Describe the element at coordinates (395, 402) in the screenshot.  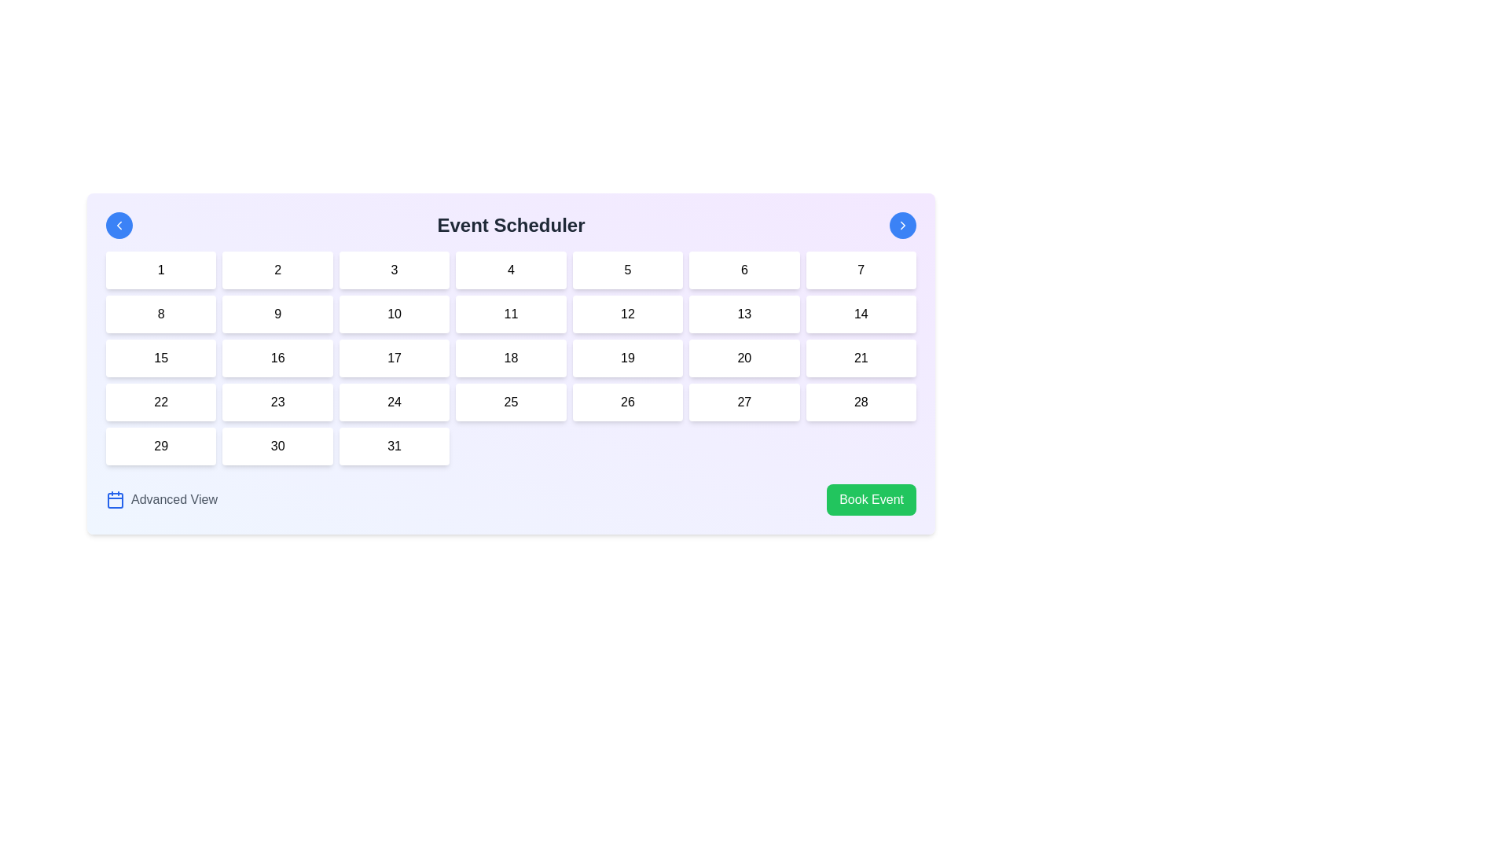
I see `the button displaying the number '24' in black text, located in the grid under the header 'Event Scheduler'` at that location.